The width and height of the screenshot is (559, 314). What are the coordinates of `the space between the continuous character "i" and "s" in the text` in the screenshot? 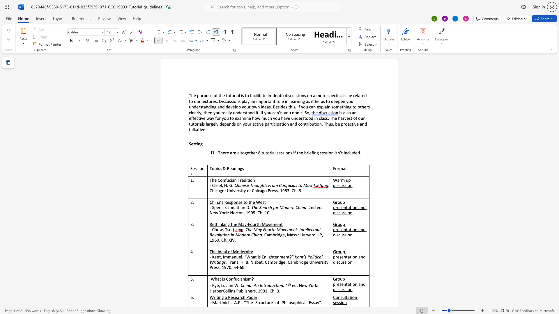 It's located at (242, 95).